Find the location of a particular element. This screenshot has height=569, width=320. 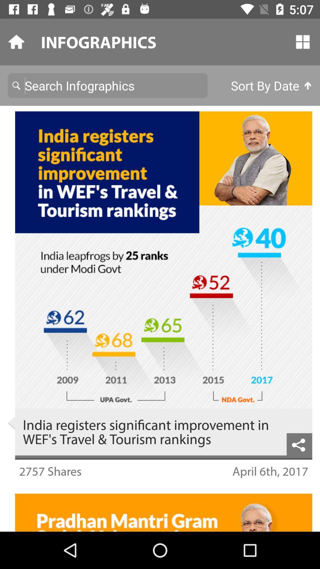

april 6th, 2017 is located at coordinates (270, 471).